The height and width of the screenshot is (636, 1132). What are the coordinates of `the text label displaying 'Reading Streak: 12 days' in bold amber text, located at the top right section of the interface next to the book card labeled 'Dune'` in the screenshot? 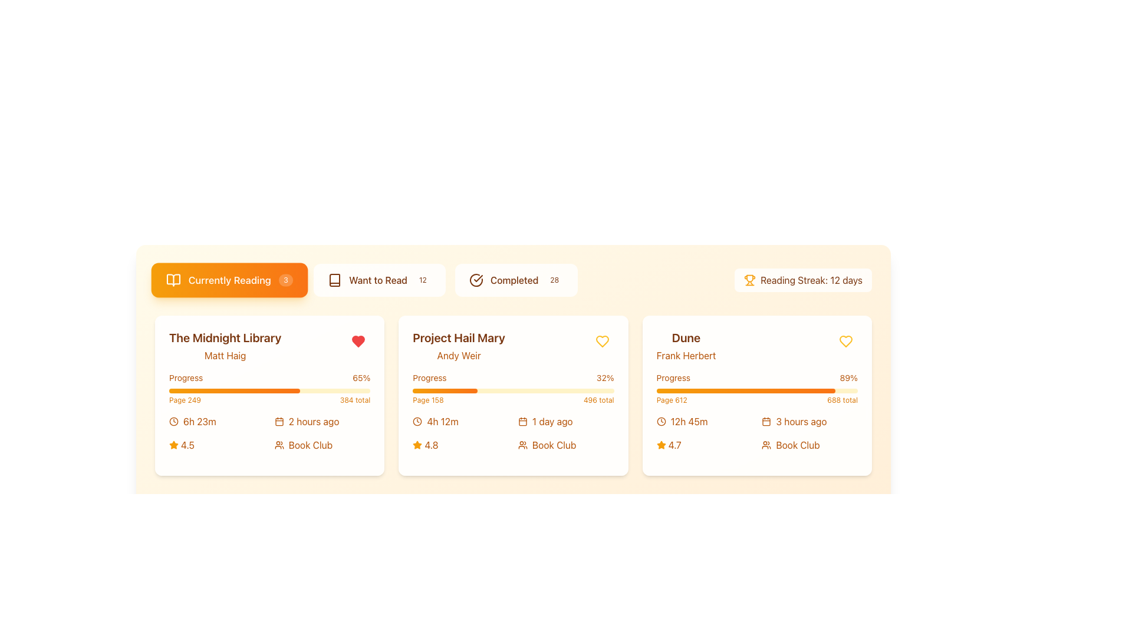 It's located at (811, 280).